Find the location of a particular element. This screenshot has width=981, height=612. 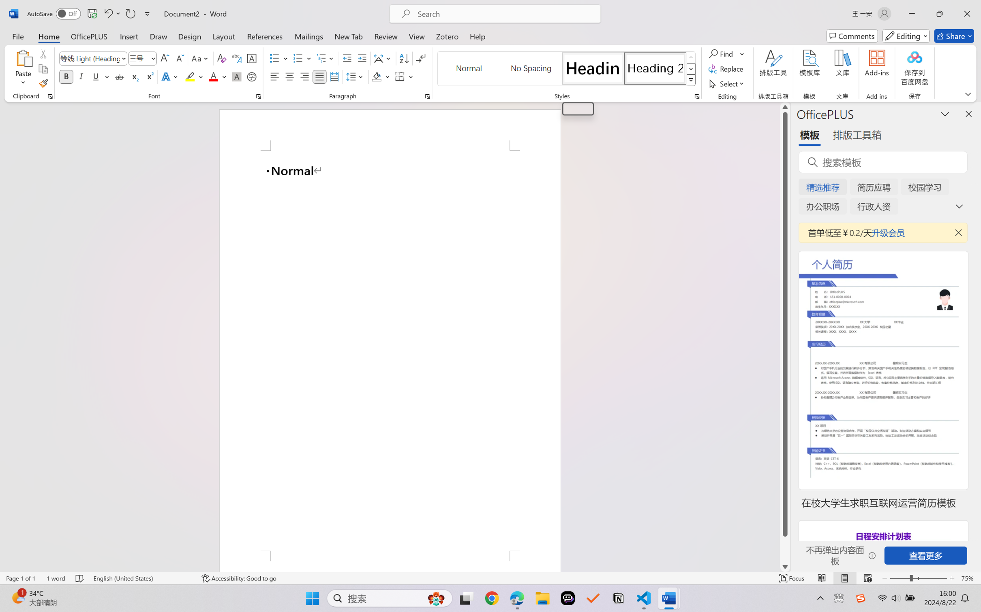

'Minimize' is located at coordinates (912, 13).